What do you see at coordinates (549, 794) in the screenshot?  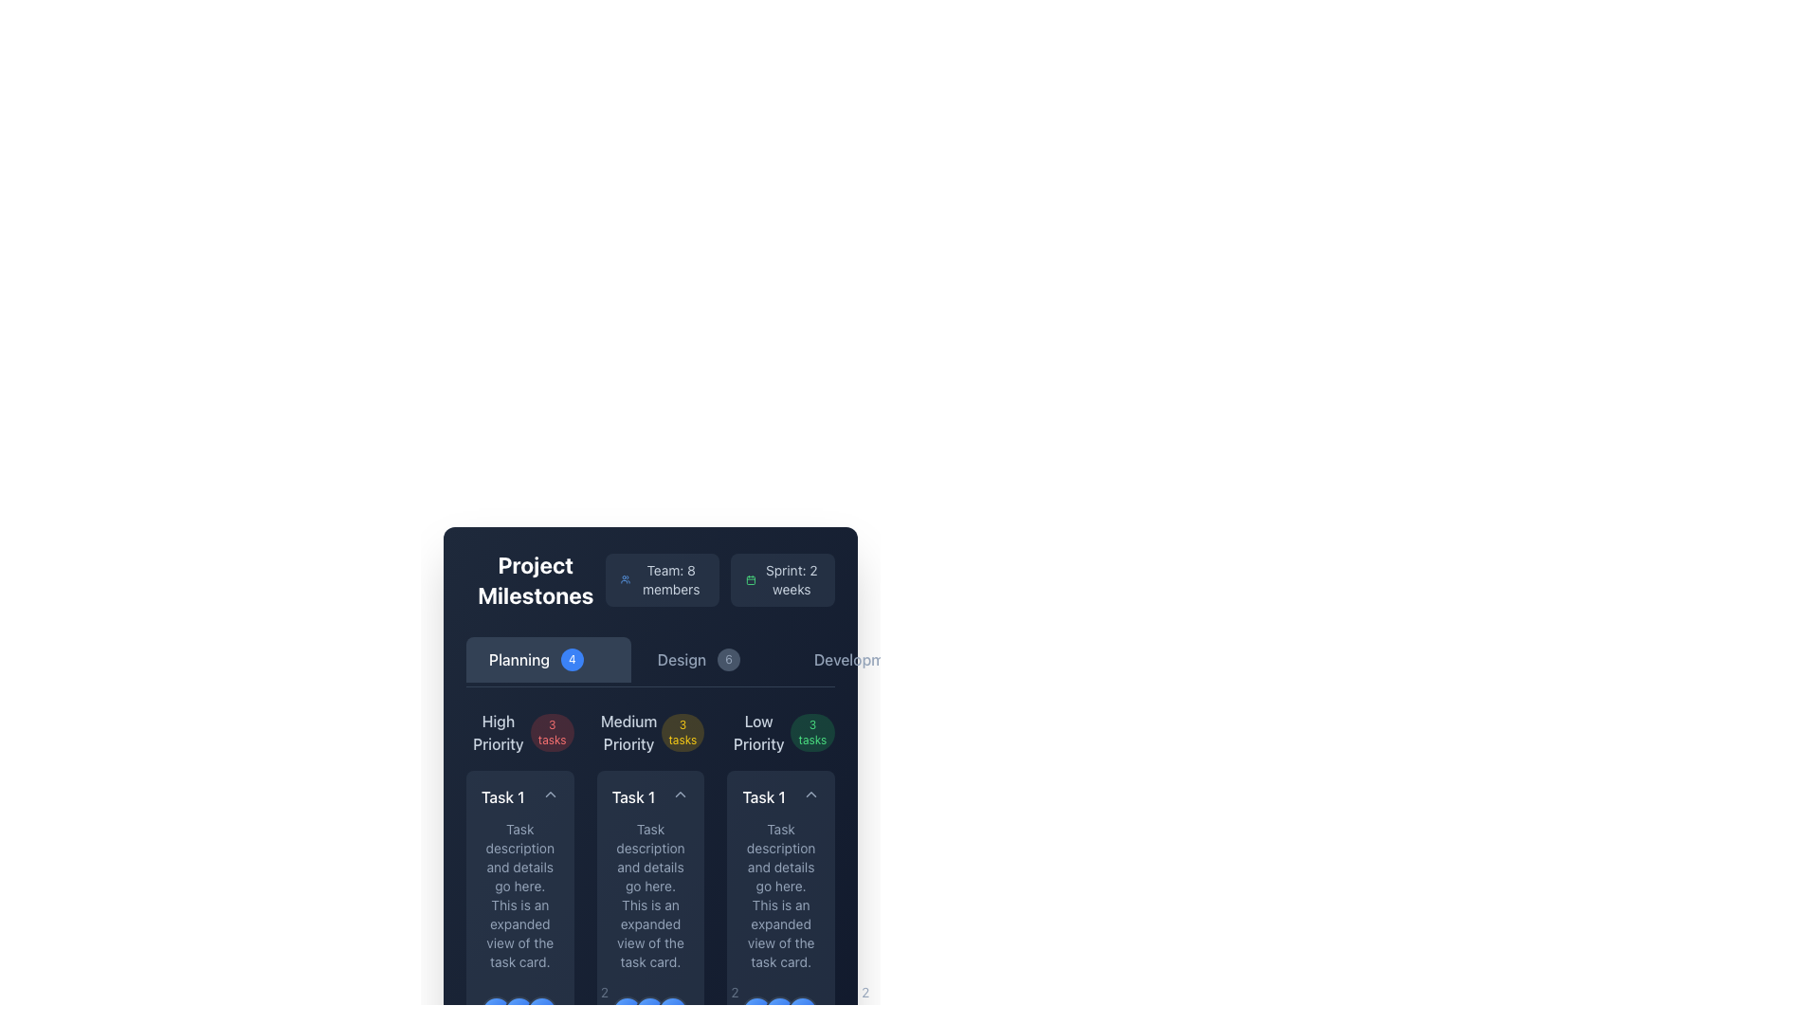 I see `the chevron-shaped icon in the top-right corner of the 'Task 1' card` at bounding box center [549, 794].